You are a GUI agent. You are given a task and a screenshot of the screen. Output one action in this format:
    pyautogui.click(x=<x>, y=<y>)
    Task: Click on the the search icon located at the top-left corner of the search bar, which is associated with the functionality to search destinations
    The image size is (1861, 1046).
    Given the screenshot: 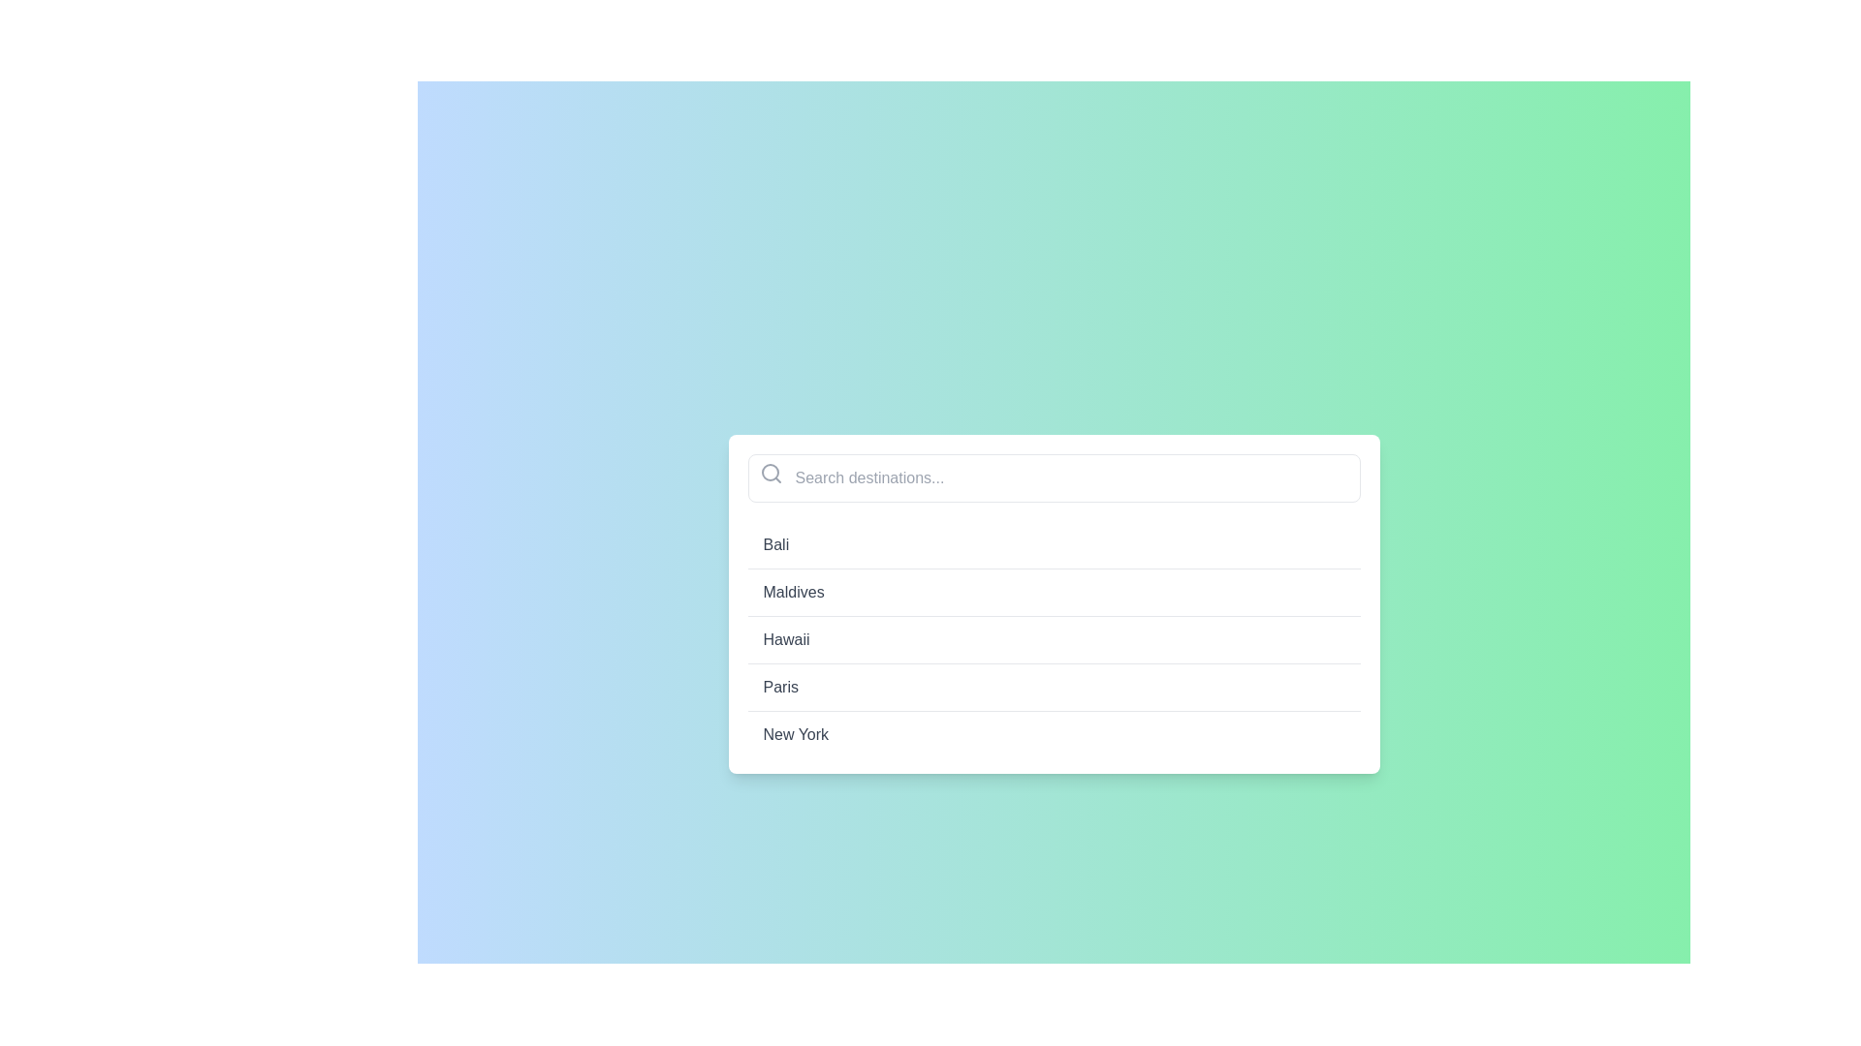 What is the action you would take?
    pyautogui.click(x=770, y=474)
    